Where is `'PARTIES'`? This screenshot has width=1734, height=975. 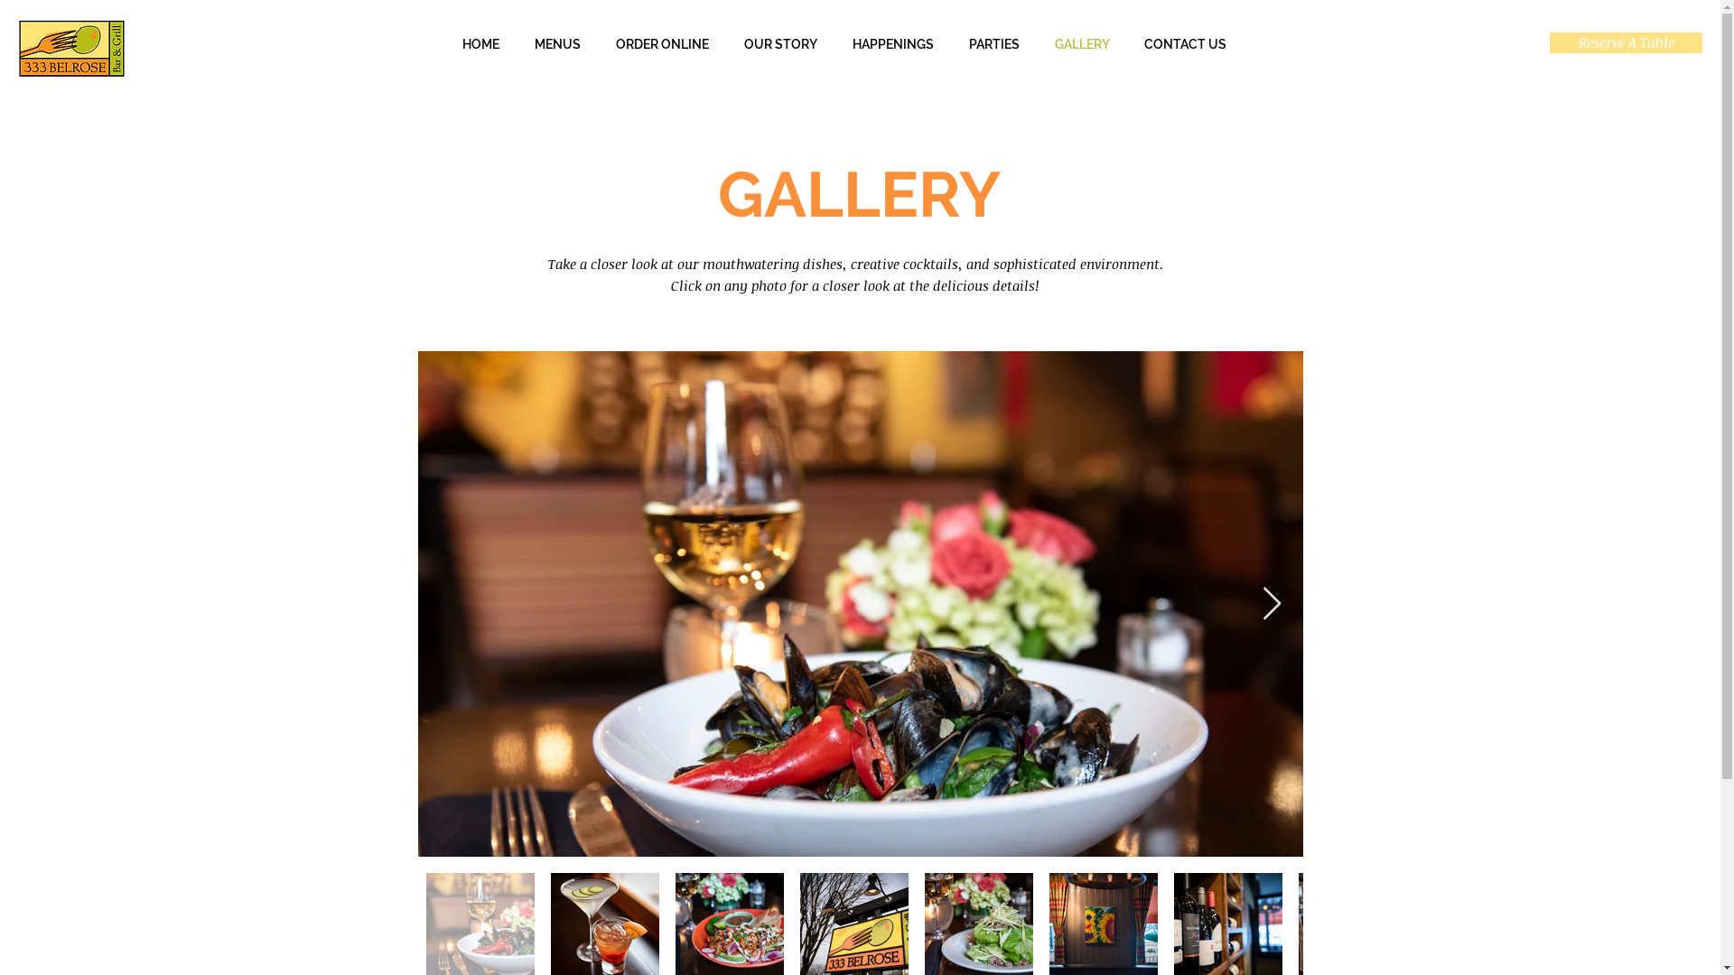 'PARTIES' is located at coordinates (993, 43).